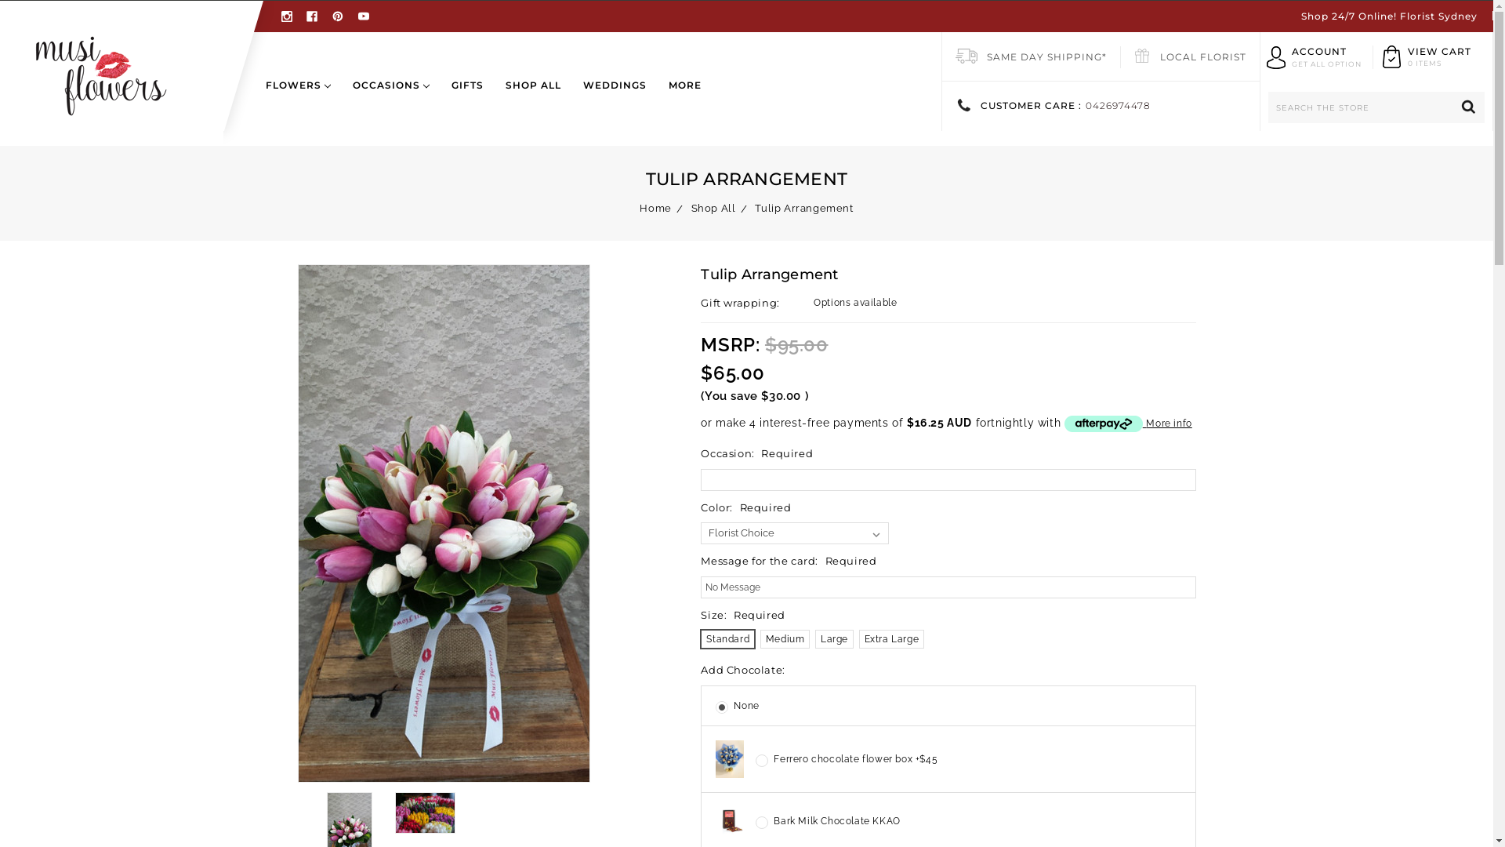 This screenshot has height=847, width=1505. I want to click on 'Creative Blooms Group PTY LTD Trading As Musi Flowers', so click(100, 73).